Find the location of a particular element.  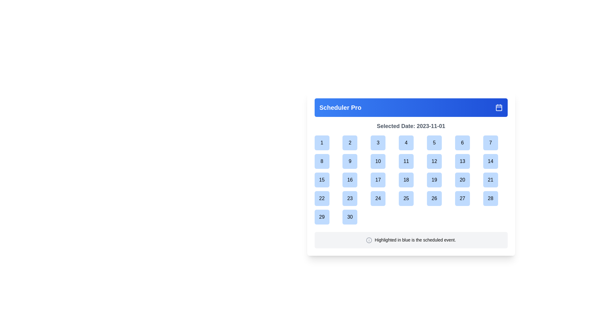

the button representing the 19th day of the month in the calendar grid is located at coordinates (439, 180).